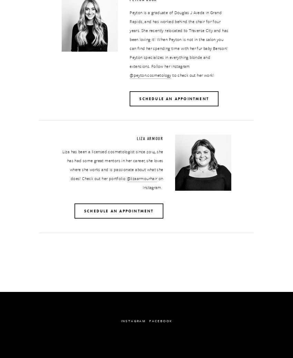 The width and height of the screenshot is (293, 358). Describe the element at coordinates (126, 178) in the screenshot. I see `'@lizaarmourhair'` at that location.